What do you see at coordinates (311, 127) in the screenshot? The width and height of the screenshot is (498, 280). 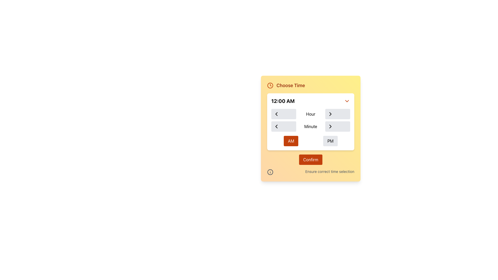 I see `the static text label indicating minutes, located in the middle column of the lower row of the grid layout within the time selection section` at bounding box center [311, 127].